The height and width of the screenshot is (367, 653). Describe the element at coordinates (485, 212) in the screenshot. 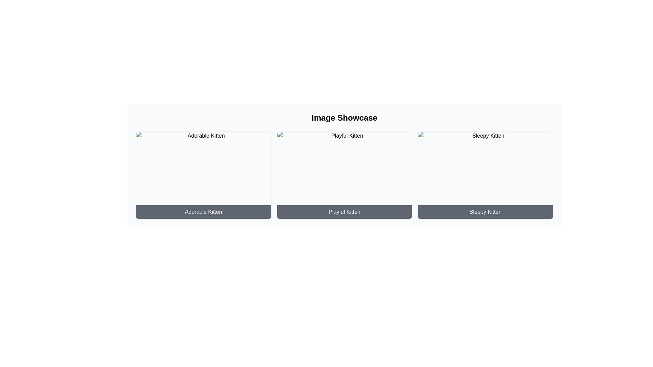

I see `the 'Sleepy Kitten' text label, which is displayed in white on a dark gray transparent background, located at the bottom of a rounded rectangle card` at that location.